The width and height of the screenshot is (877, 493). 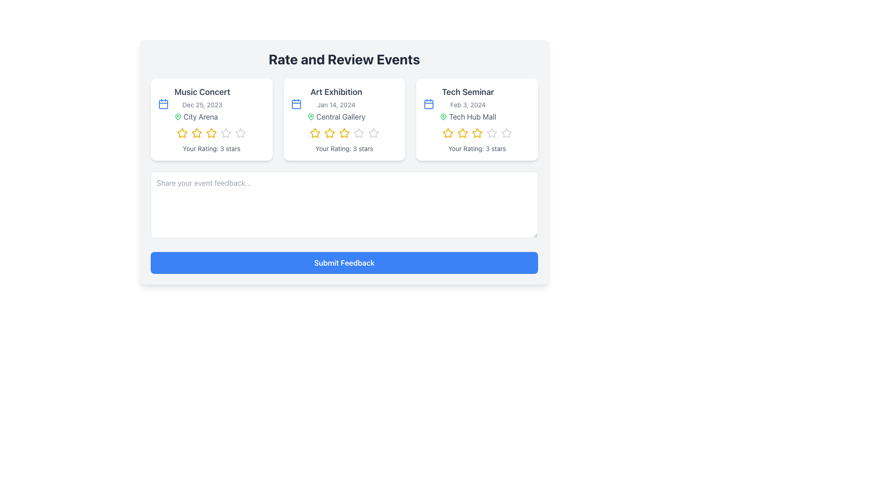 What do you see at coordinates (476, 133) in the screenshot?
I see `the third star in the star rating sequence within the 'Tech Seminar' card to indicate a rating` at bounding box center [476, 133].